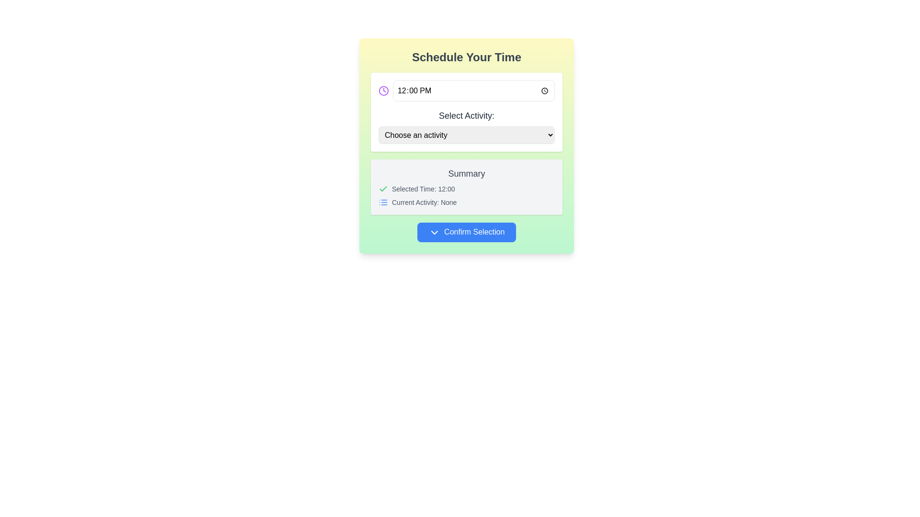 The image size is (920, 517). What do you see at coordinates (467, 232) in the screenshot?
I see `the blue rounded button labeled 'Confirm Selection' with a chevron-down icon, located below the 'Summary' section in the UI card` at bounding box center [467, 232].